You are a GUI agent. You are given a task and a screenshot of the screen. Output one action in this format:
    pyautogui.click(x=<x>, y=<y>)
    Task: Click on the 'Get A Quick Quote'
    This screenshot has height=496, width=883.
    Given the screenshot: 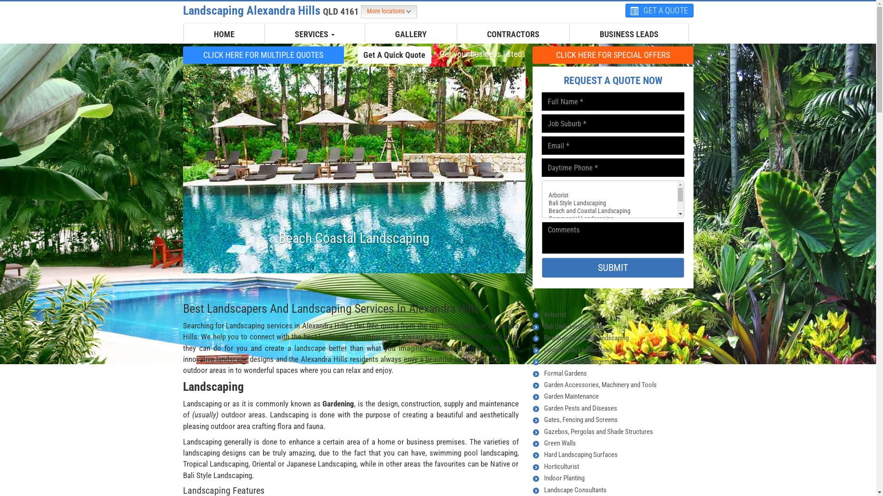 What is the action you would take?
    pyautogui.click(x=357, y=55)
    